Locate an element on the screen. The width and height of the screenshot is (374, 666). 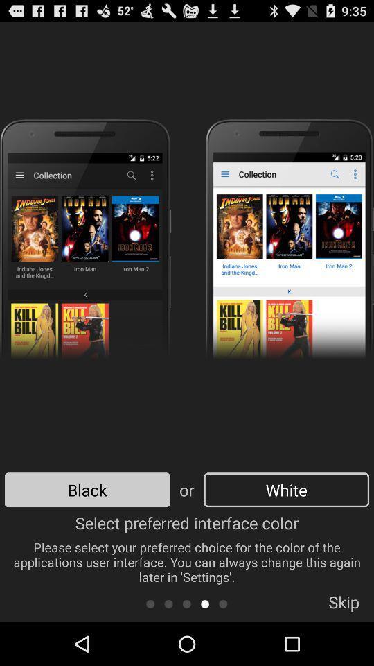
item below the select preferred interface item is located at coordinates (223, 603).